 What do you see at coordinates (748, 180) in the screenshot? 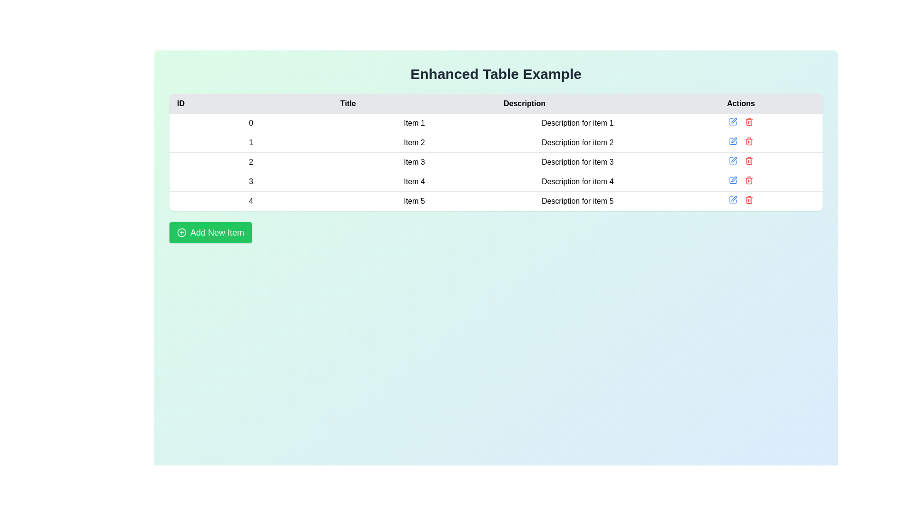
I see `the delete button in the 'Actions' column adjacent to 'Description for item 4'` at bounding box center [748, 180].